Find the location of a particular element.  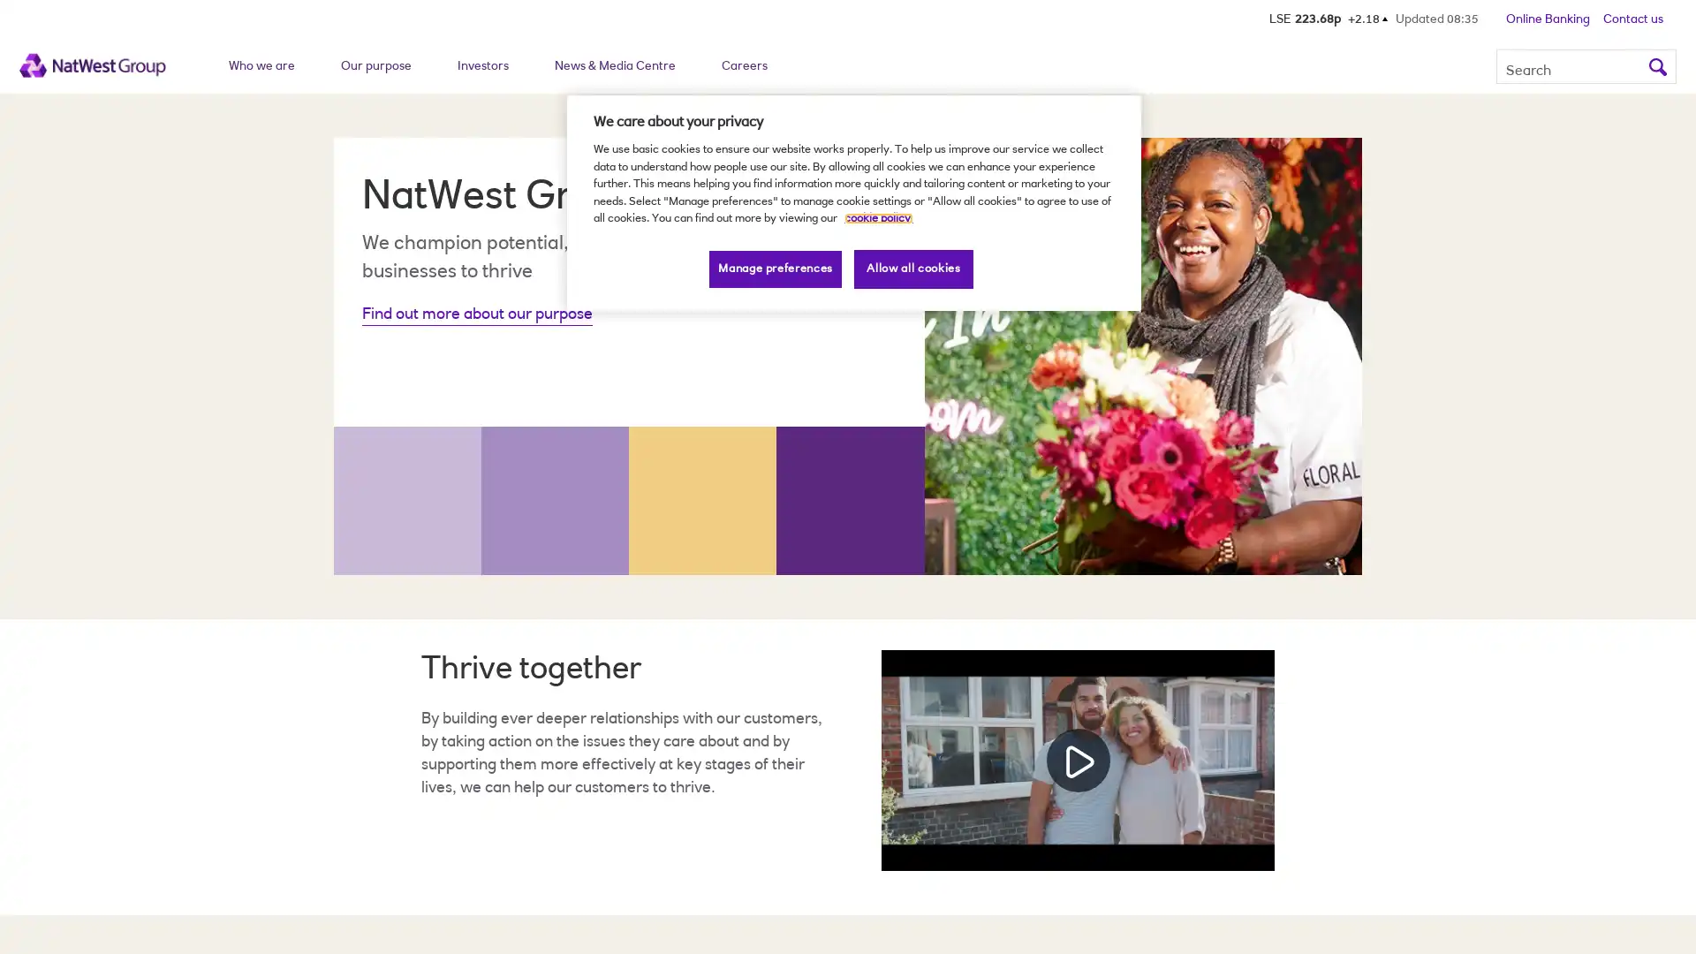

Allow all cookies is located at coordinates (913, 269).